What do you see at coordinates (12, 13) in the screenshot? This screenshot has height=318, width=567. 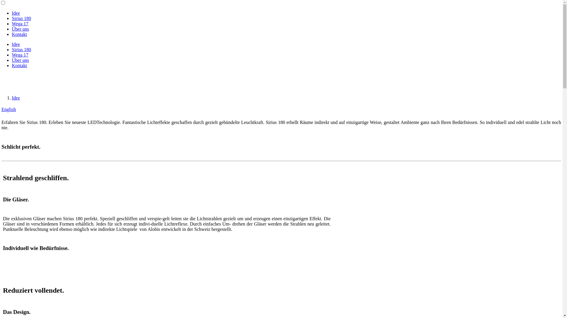 I see `'Idee'` at bounding box center [12, 13].